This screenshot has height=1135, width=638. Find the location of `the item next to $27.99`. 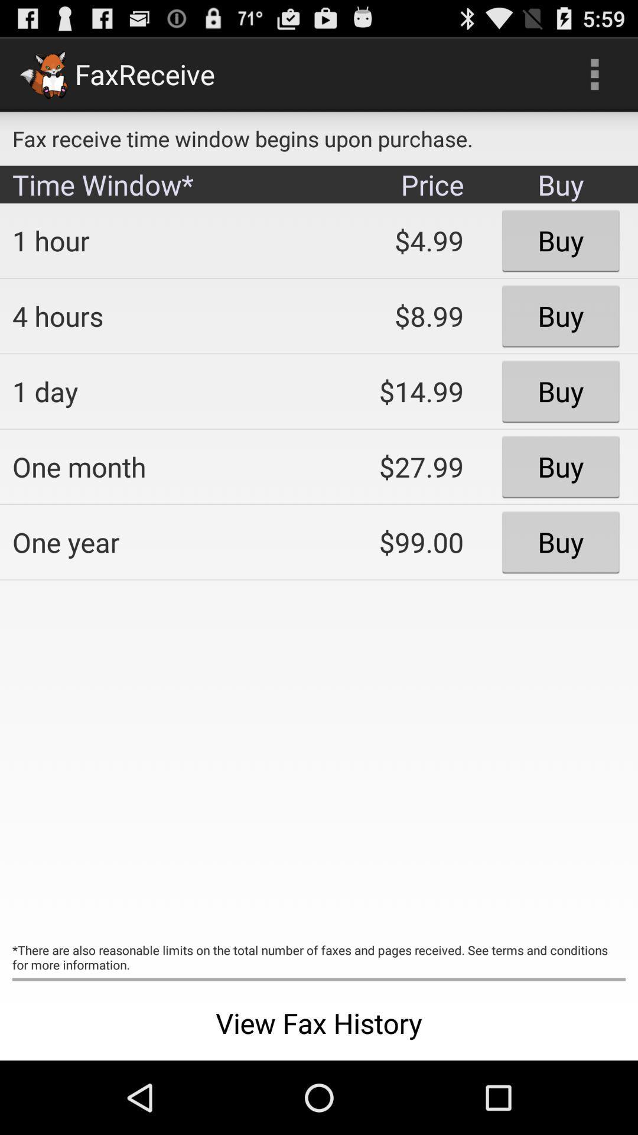

the item next to $27.99 is located at coordinates (157, 541).